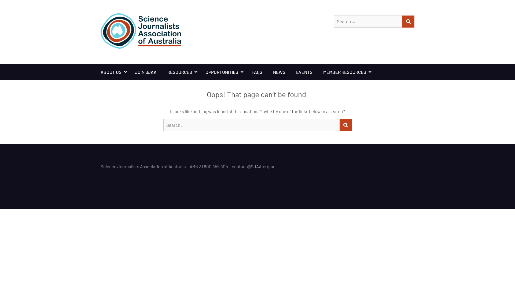  Describe the element at coordinates (346, 72) in the screenshot. I see `'MEMBER RESOURCES'` at that location.